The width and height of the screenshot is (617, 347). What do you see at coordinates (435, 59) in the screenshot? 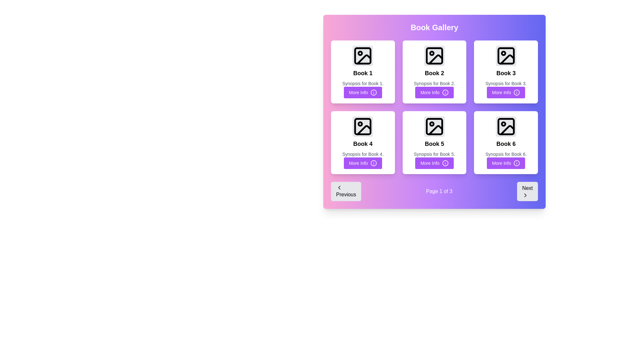
I see `the decorative graphic element within the 'Book 2' icon located in the second row of the grid layout, positioned at the top-right corner of the icon` at bounding box center [435, 59].